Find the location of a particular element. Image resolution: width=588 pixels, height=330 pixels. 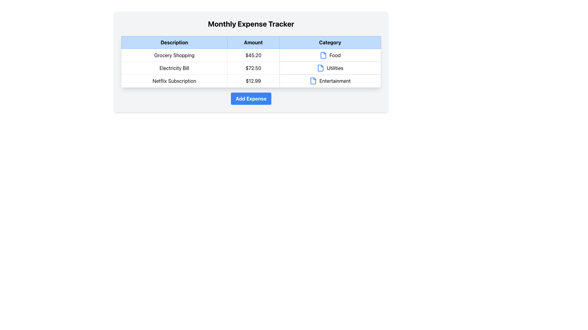

the monetary amount of $45.20 in the center column labeled 'Amount' of the 'Grocery Shopping' row in the expense tracker is located at coordinates (253, 55).